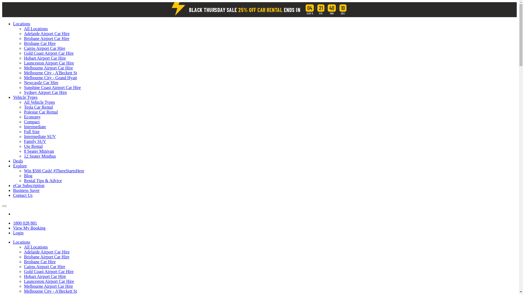 This screenshot has height=294, width=523. I want to click on 'All Locations', so click(35, 247).